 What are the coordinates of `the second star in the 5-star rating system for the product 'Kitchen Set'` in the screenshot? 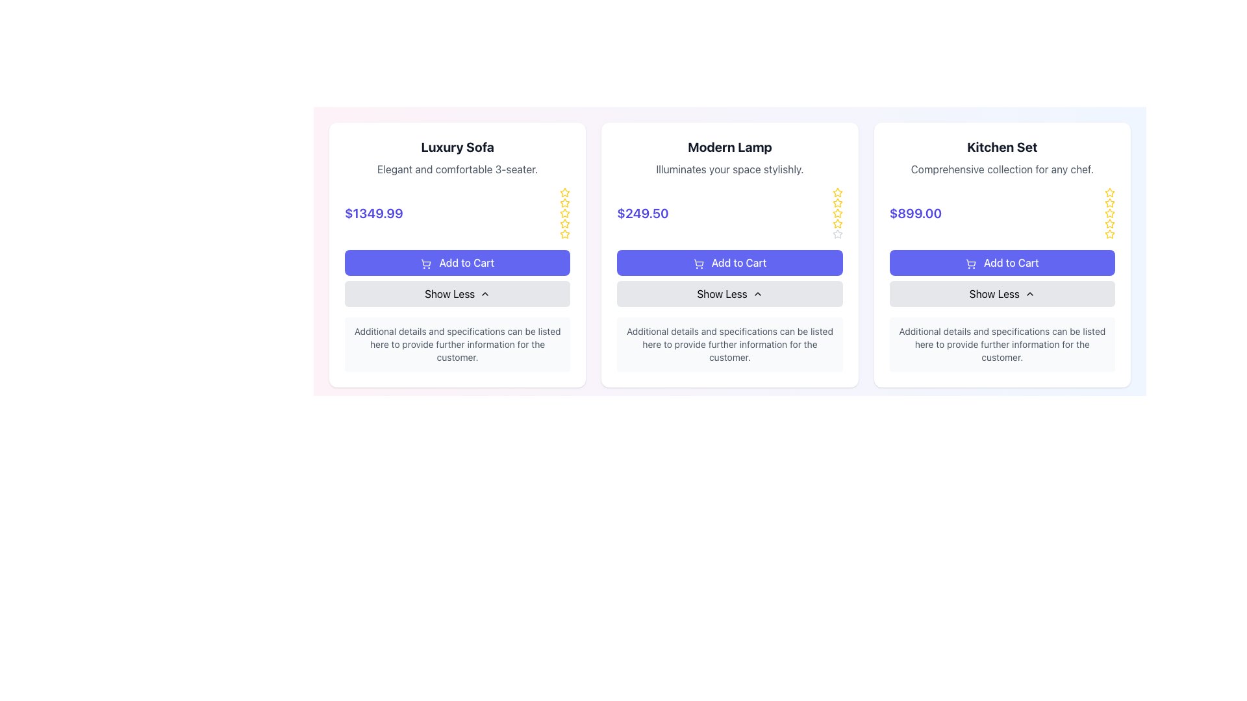 It's located at (1109, 212).